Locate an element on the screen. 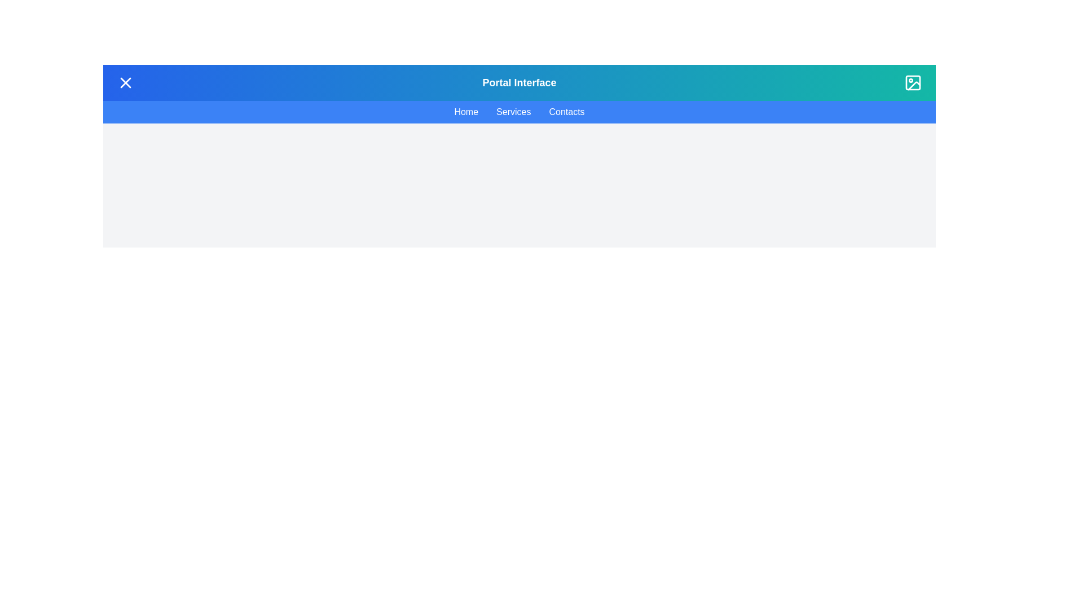 The image size is (1083, 609). 'X' icon button to toggle the menu visibility is located at coordinates (125, 82).